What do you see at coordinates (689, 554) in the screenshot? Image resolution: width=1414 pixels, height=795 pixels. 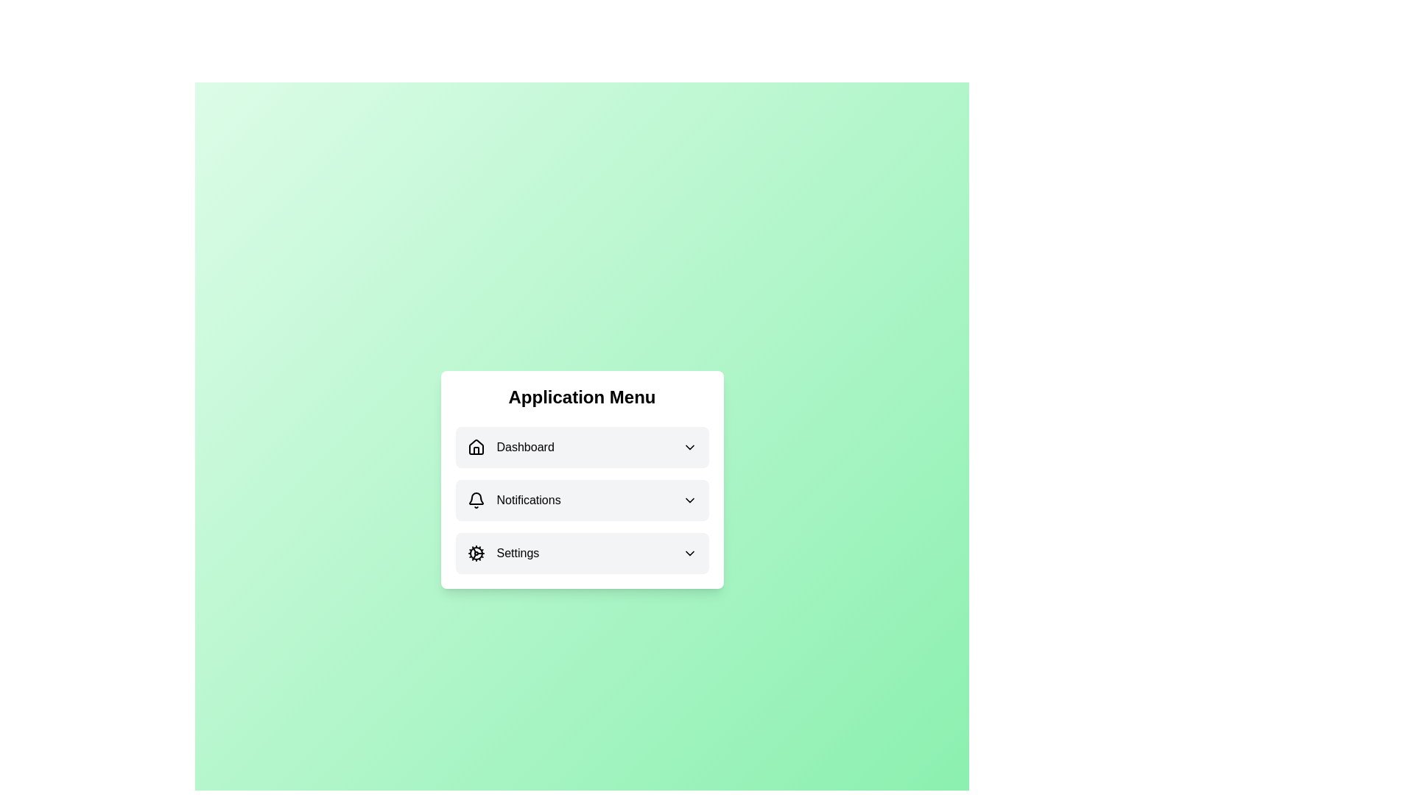 I see `the dropdown indicator icon` at bounding box center [689, 554].